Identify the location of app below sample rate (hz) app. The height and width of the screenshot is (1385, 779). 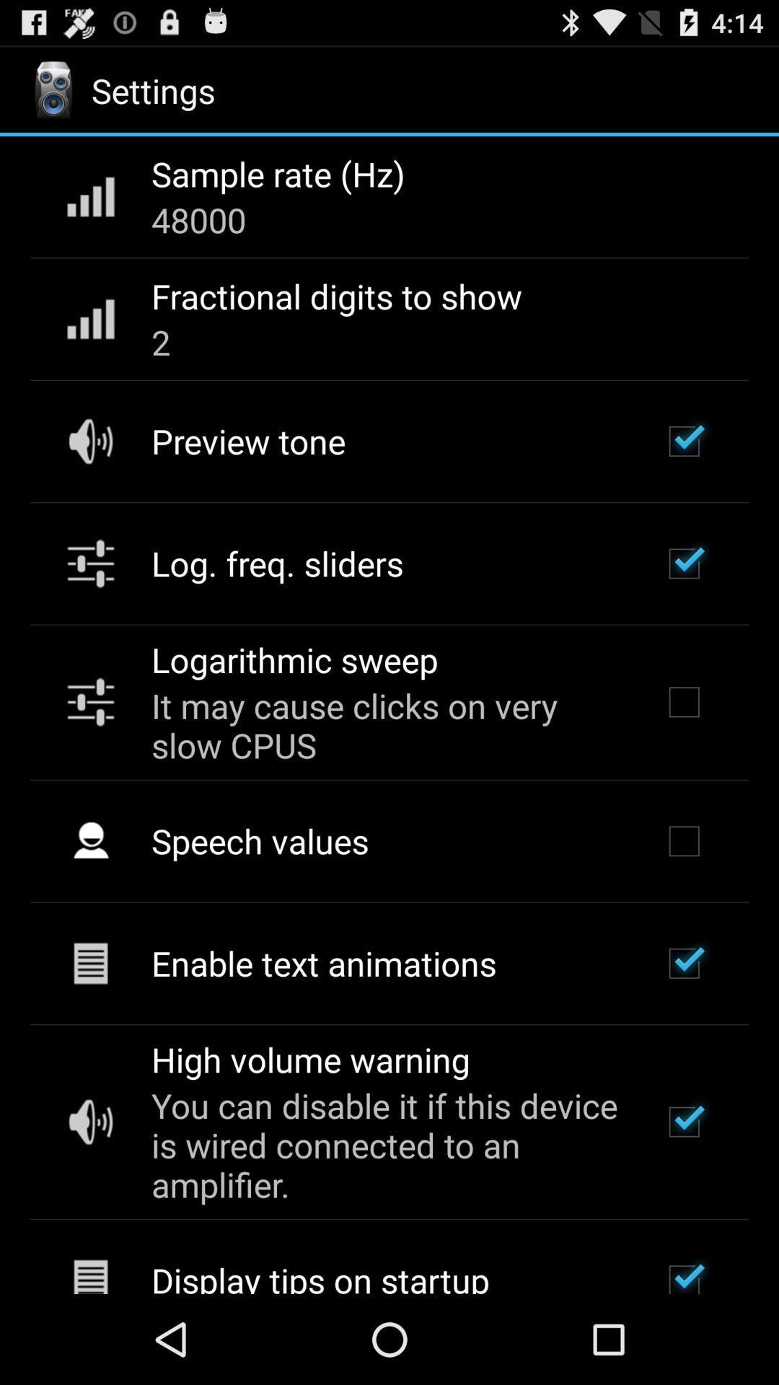
(198, 219).